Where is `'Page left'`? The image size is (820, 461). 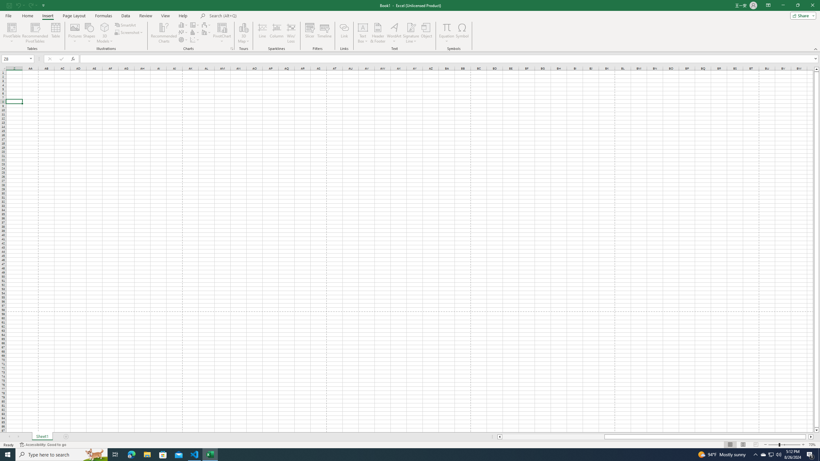 'Page left' is located at coordinates (553, 436).